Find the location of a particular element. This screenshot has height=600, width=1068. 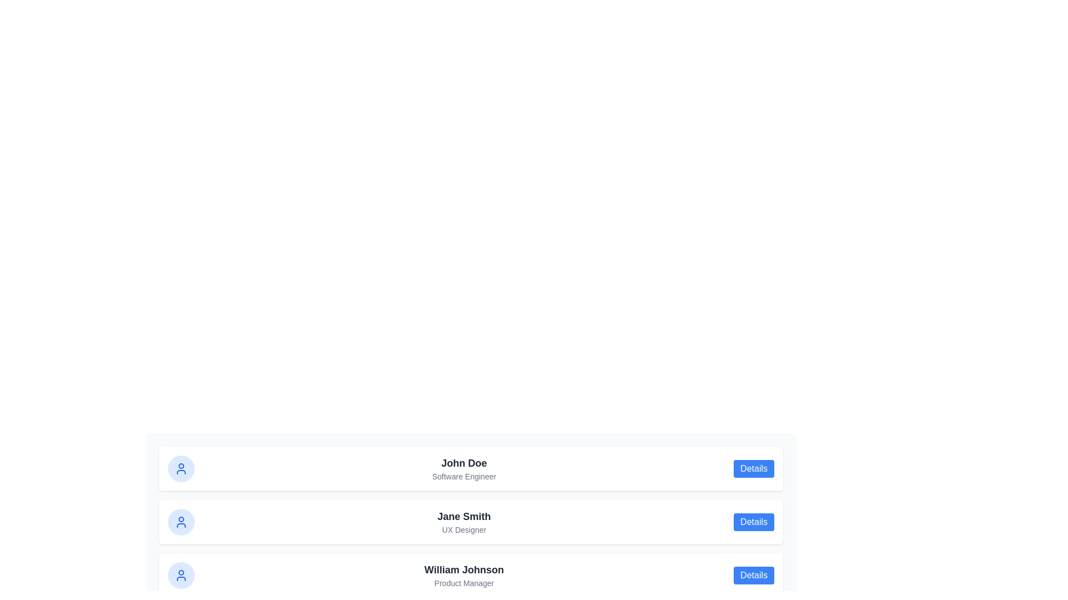

the third card in the vertically stacked list, which features a blue user icon, the name 'William Johnson', and a 'Details' button is located at coordinates (471, 575).